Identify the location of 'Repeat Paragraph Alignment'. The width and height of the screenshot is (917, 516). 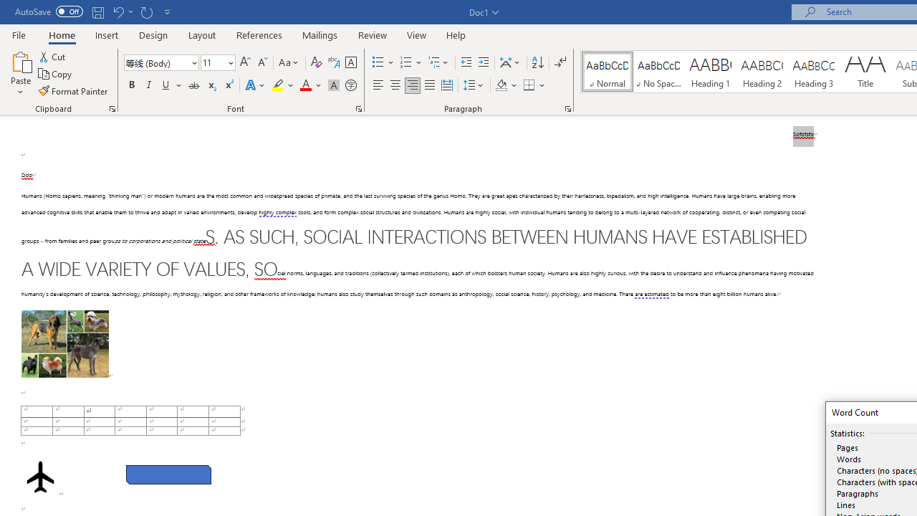
(146, 11).